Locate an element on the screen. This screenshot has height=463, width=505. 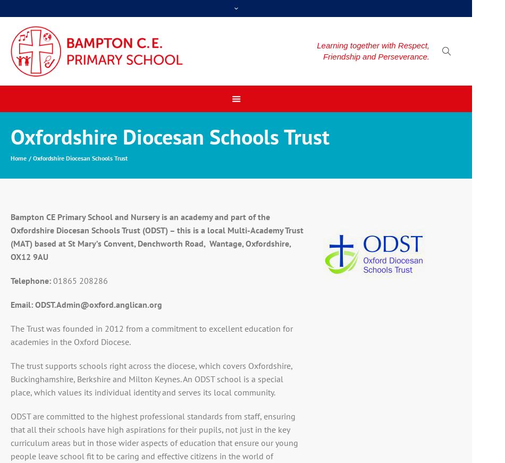
'Learning together with Respect,' is located at coordinates (373, 44).